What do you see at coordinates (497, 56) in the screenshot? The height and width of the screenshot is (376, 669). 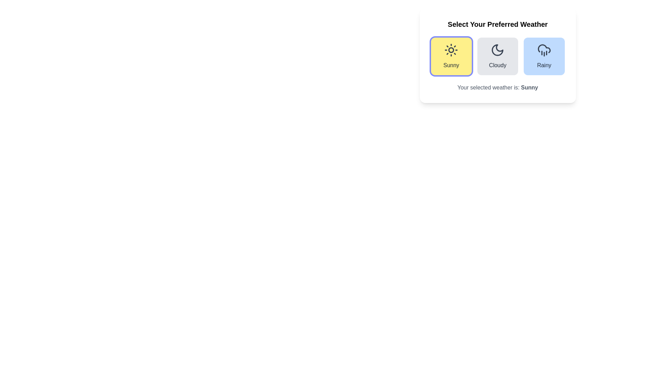 I see `the 'Cloudy' weather selection card, which is visually interactive and located in the middle column of the weather selection grid` at bounding box center [497, 56].